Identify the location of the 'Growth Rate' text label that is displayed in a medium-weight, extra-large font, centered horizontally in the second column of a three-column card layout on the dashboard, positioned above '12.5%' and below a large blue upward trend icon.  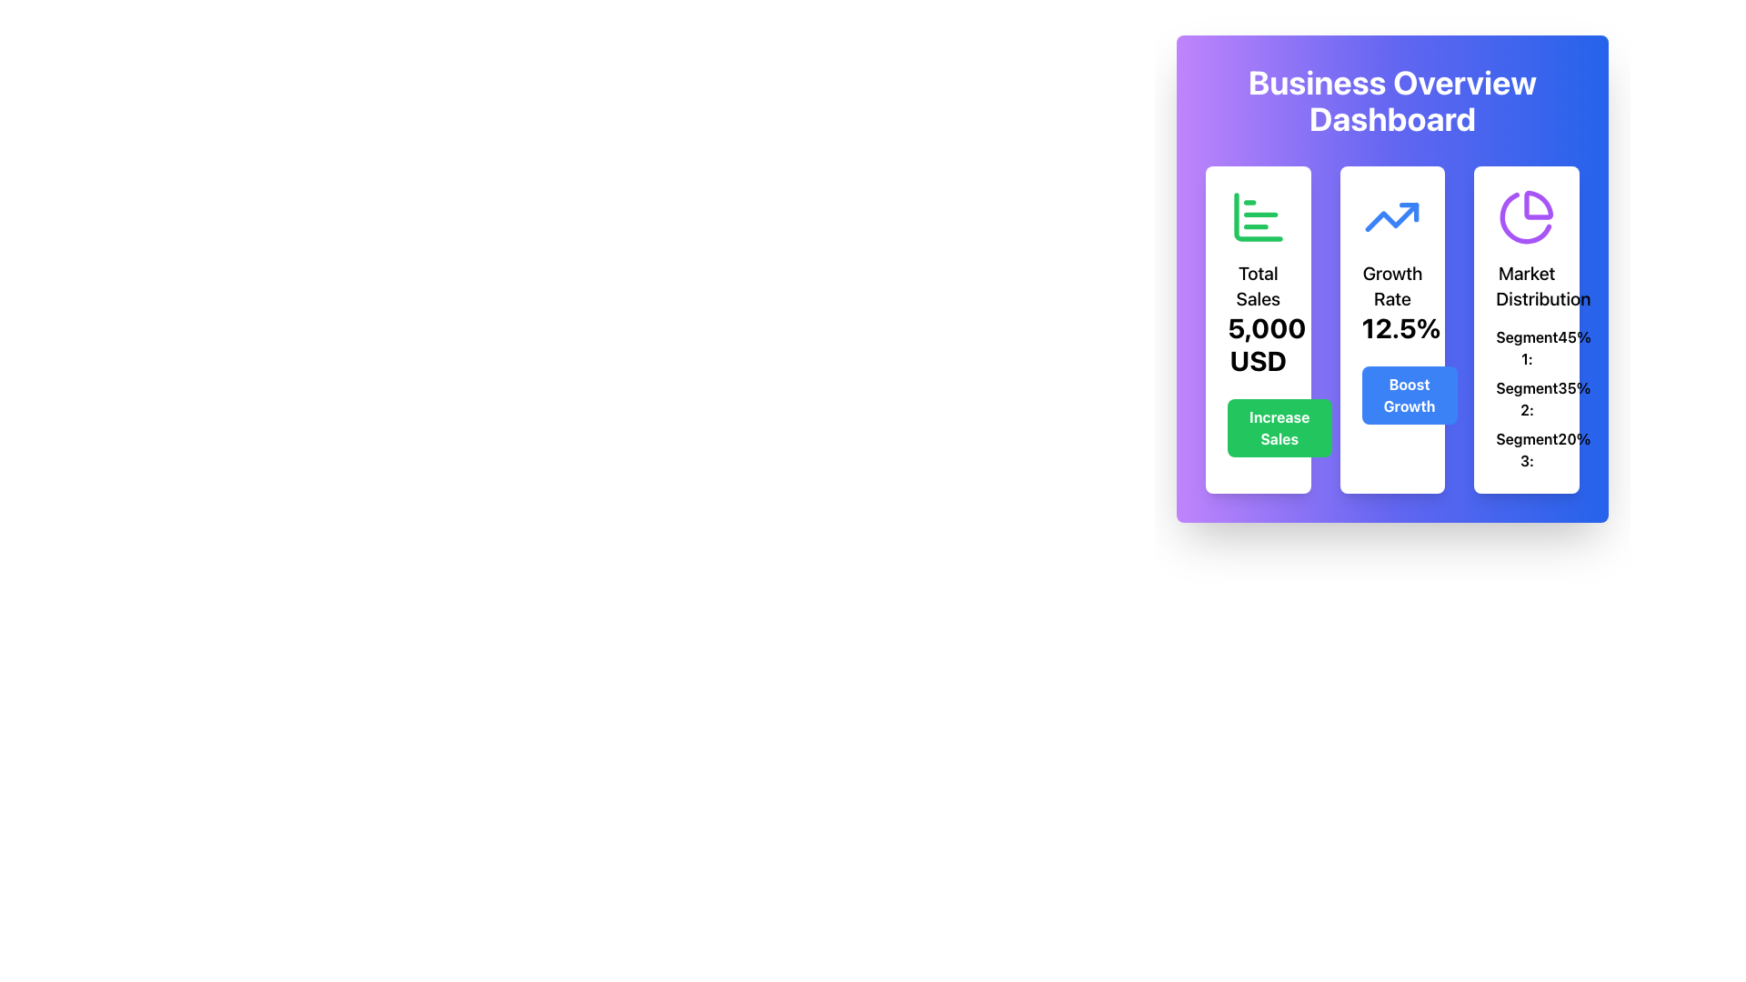
(1391, 286).